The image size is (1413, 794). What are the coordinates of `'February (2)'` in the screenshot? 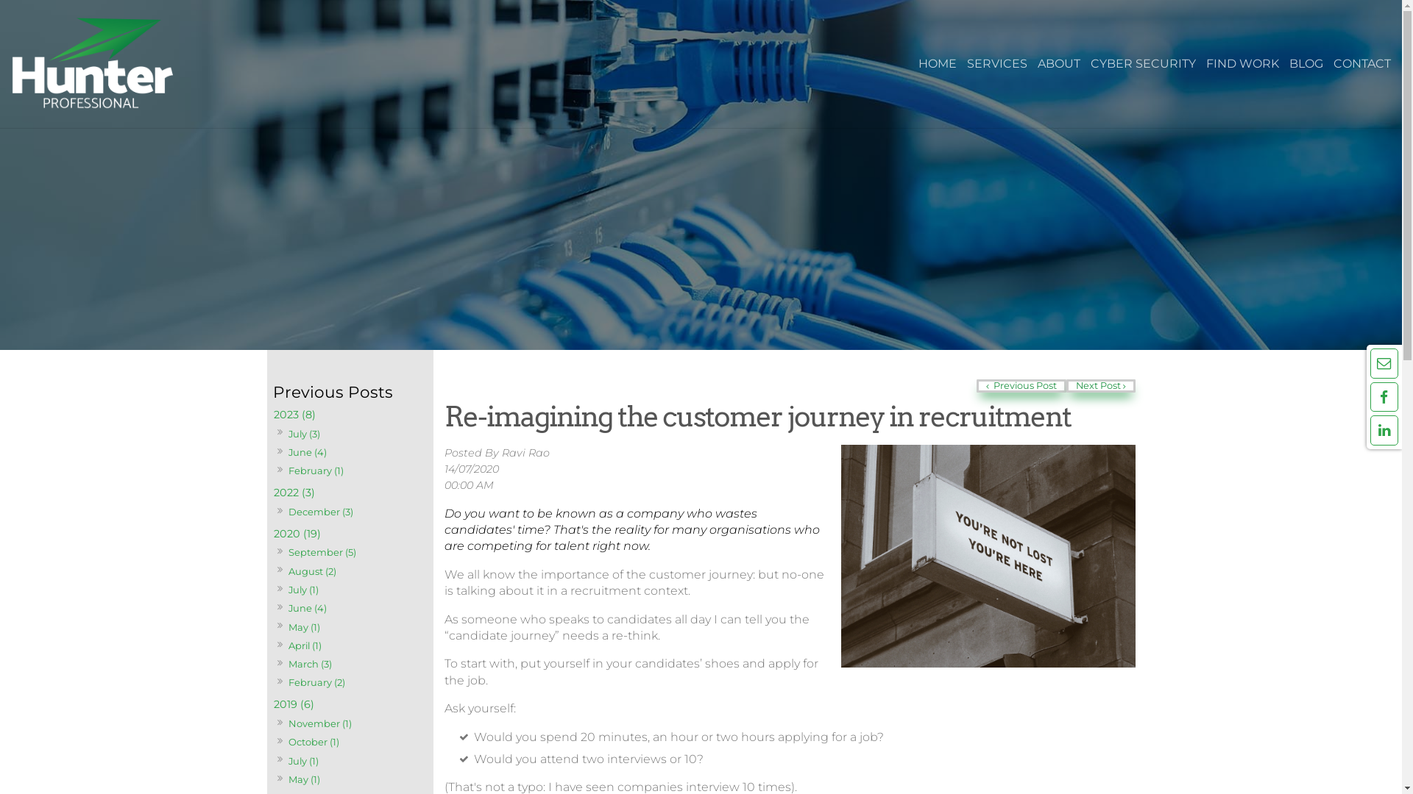 It's located at (286, 682).